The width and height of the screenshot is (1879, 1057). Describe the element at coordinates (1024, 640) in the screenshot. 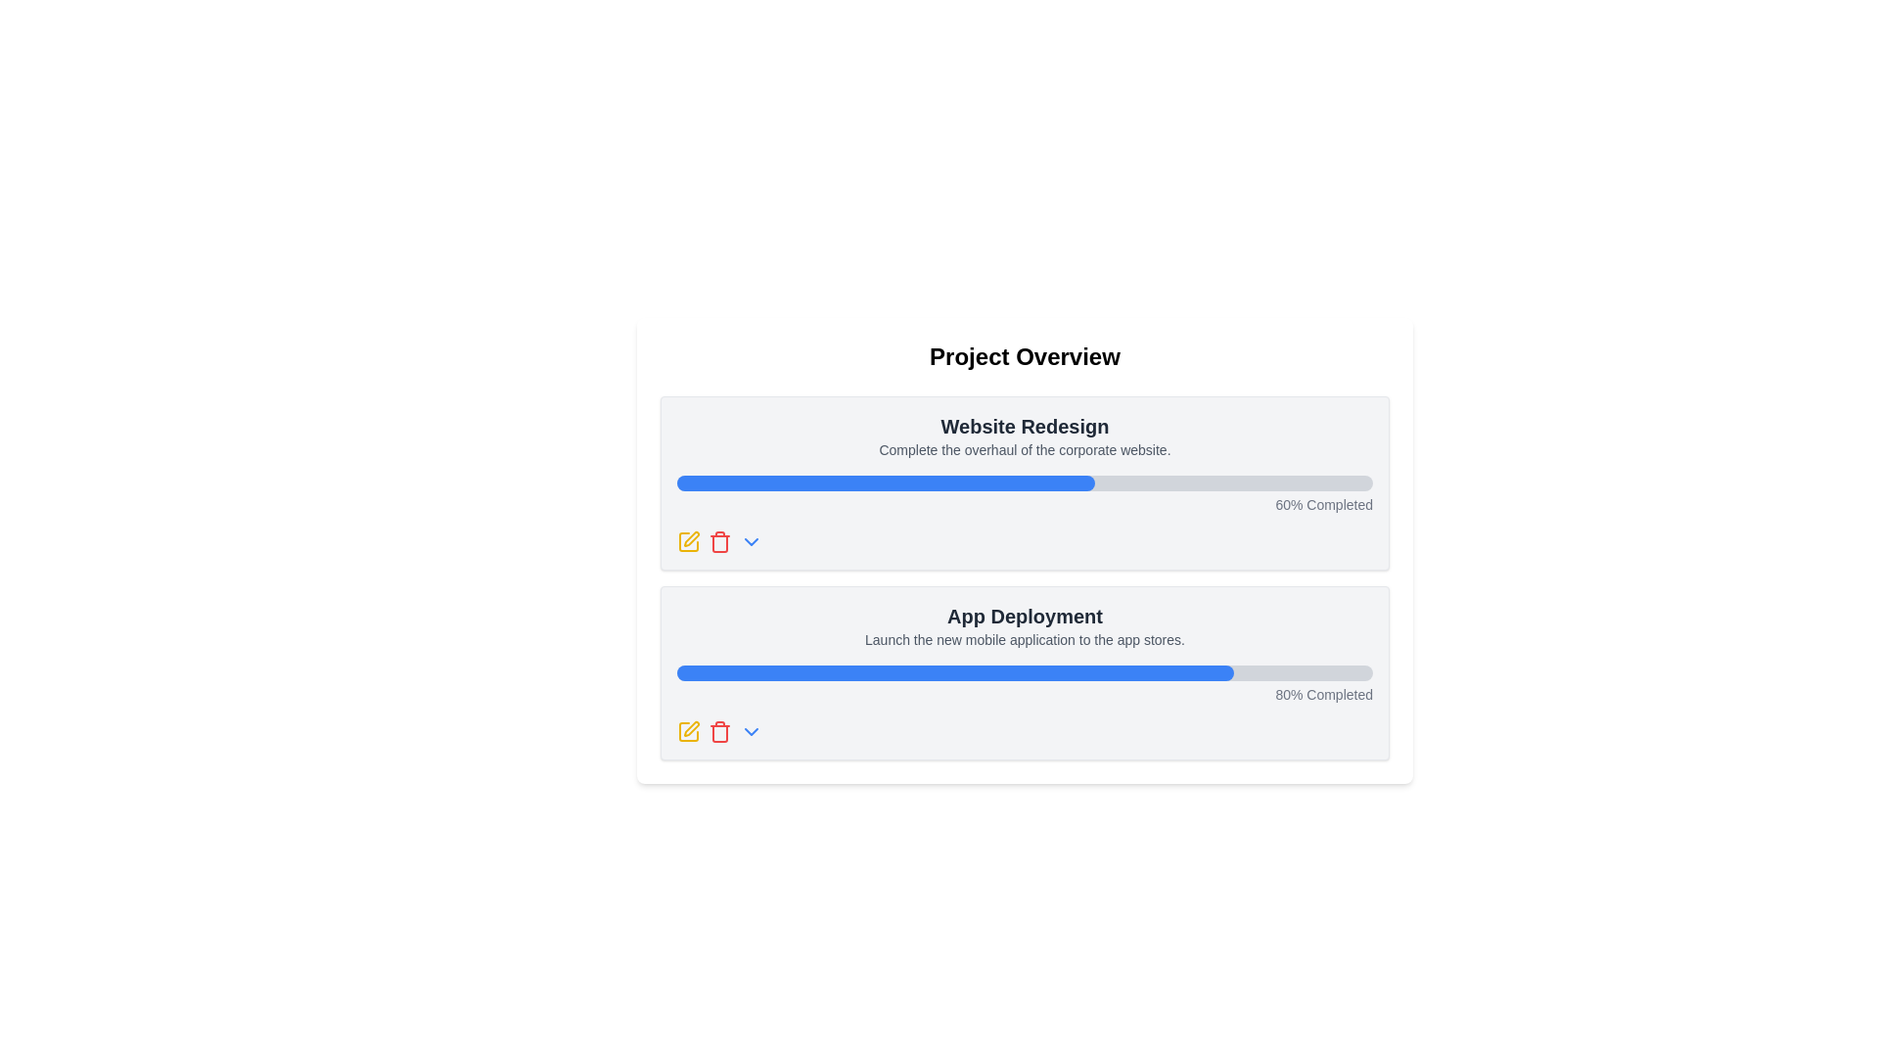

I see `the text content that describes the progress of the 'App Deployment' task, located under the 'App Deployment' header and above the '80% Completed' completion bar in the second card section` at that location.